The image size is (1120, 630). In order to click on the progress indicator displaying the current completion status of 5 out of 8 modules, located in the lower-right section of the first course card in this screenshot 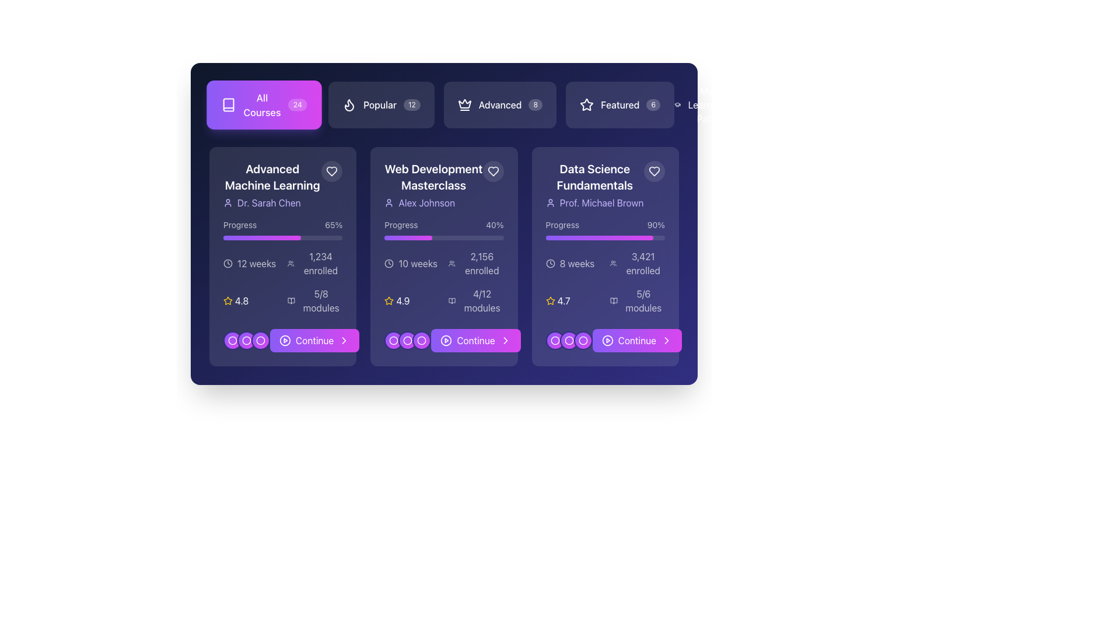, I will do `click(315, 300)`.